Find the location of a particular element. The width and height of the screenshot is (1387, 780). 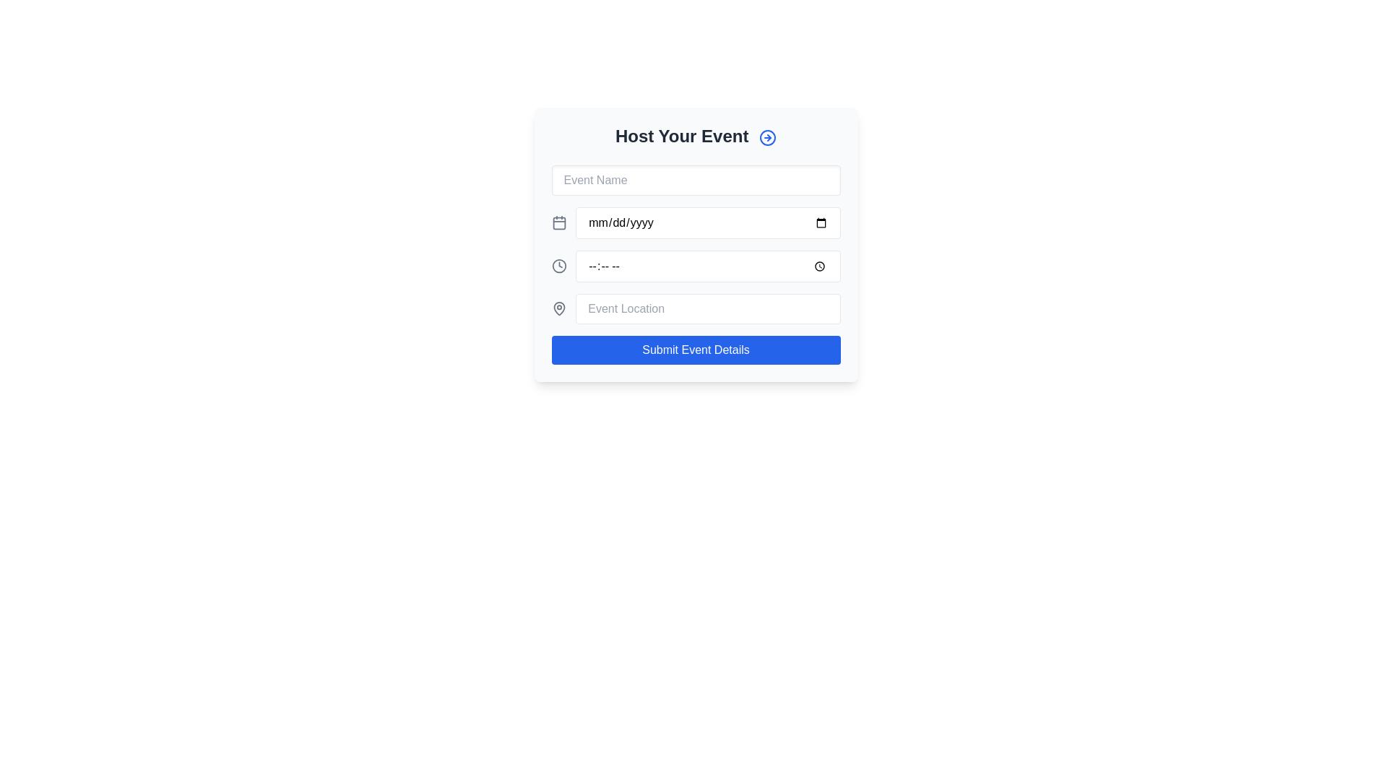

the decorative icon located to the left of the 'Event Location' input field, which symbolizes the purpose of the adjacent input field is located at coordinates (558, 308).